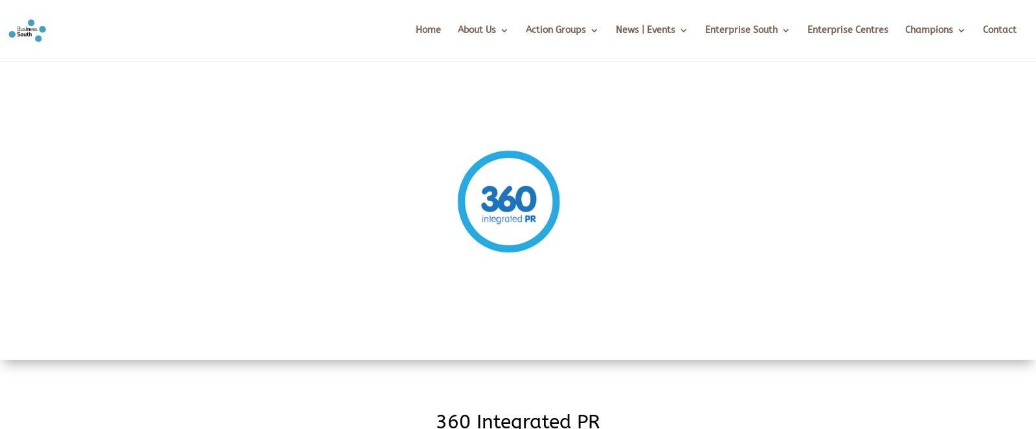 This screenshot has height=429, width=1036. What do you see at coordinates (510, 131) in the screenshot?
I see `'What we do'` at bounding box center [510, 131].